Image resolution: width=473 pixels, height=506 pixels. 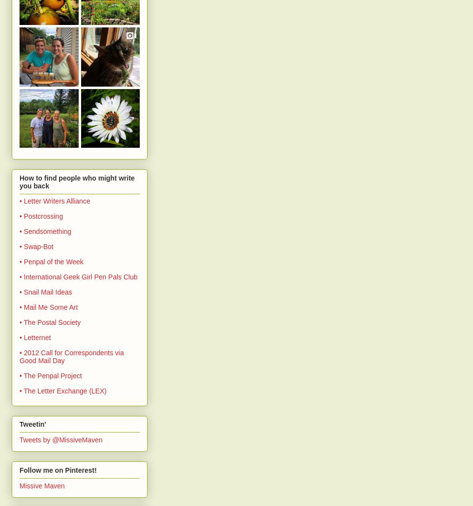 I want to click on '• Letternet', so click(x=19, y=337).